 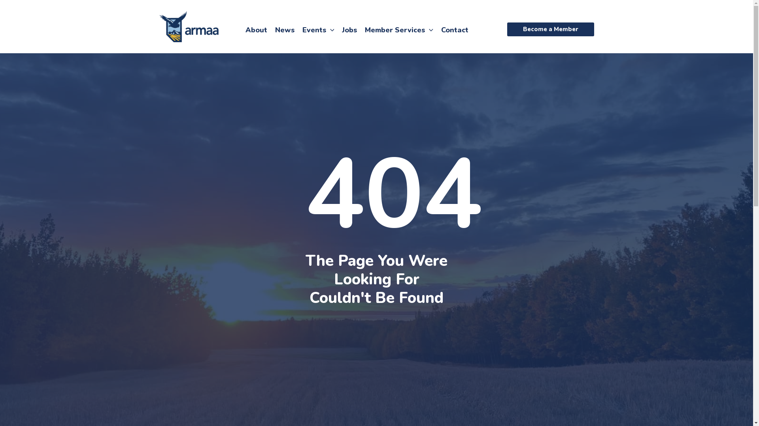 What do you see at coordinates (436, 29) in the screenshot?
I see `'Contact'` at bounding box center [436, 29].